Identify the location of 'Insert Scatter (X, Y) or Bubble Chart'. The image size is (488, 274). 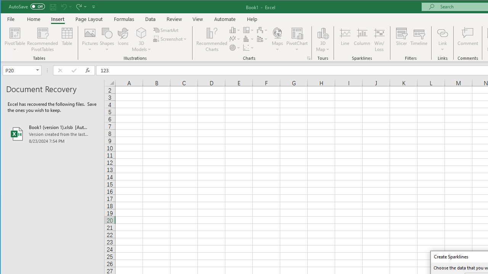
(249, 48).